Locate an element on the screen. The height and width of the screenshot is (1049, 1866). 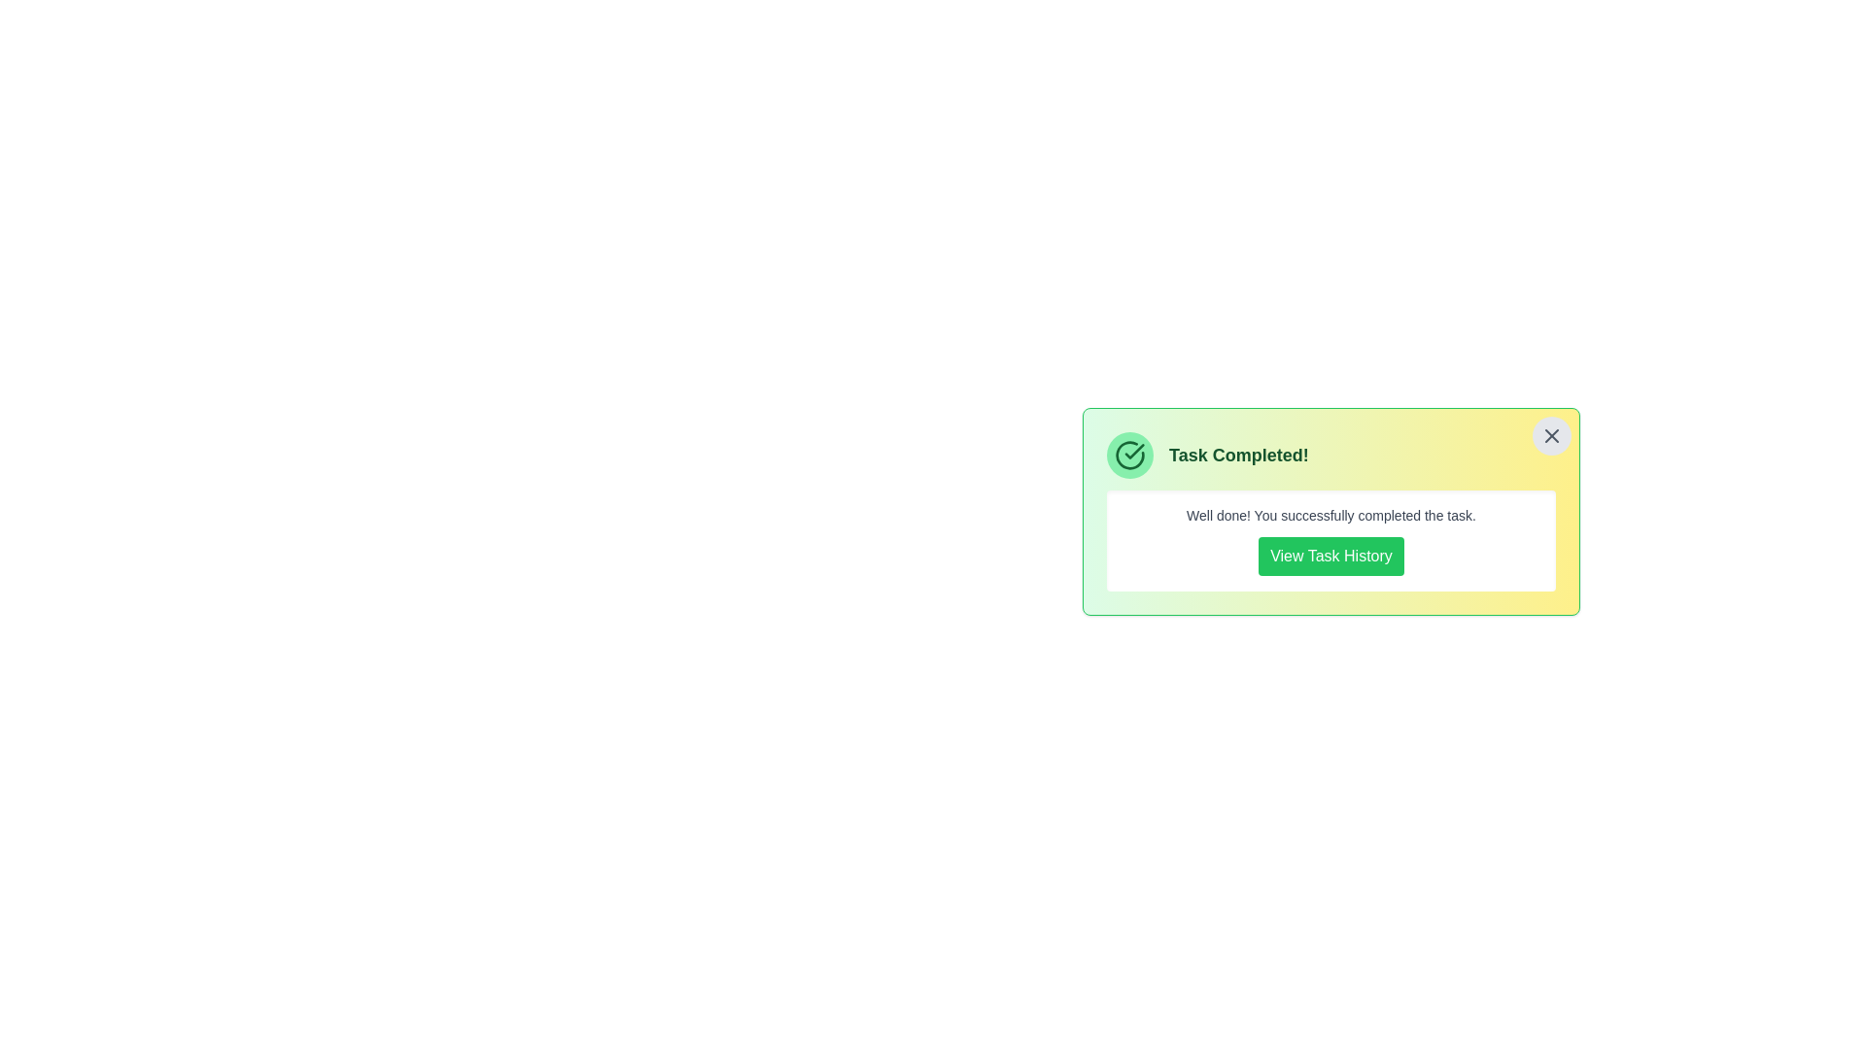
the descriptive text below the title is located at coordinates (1330, 515).